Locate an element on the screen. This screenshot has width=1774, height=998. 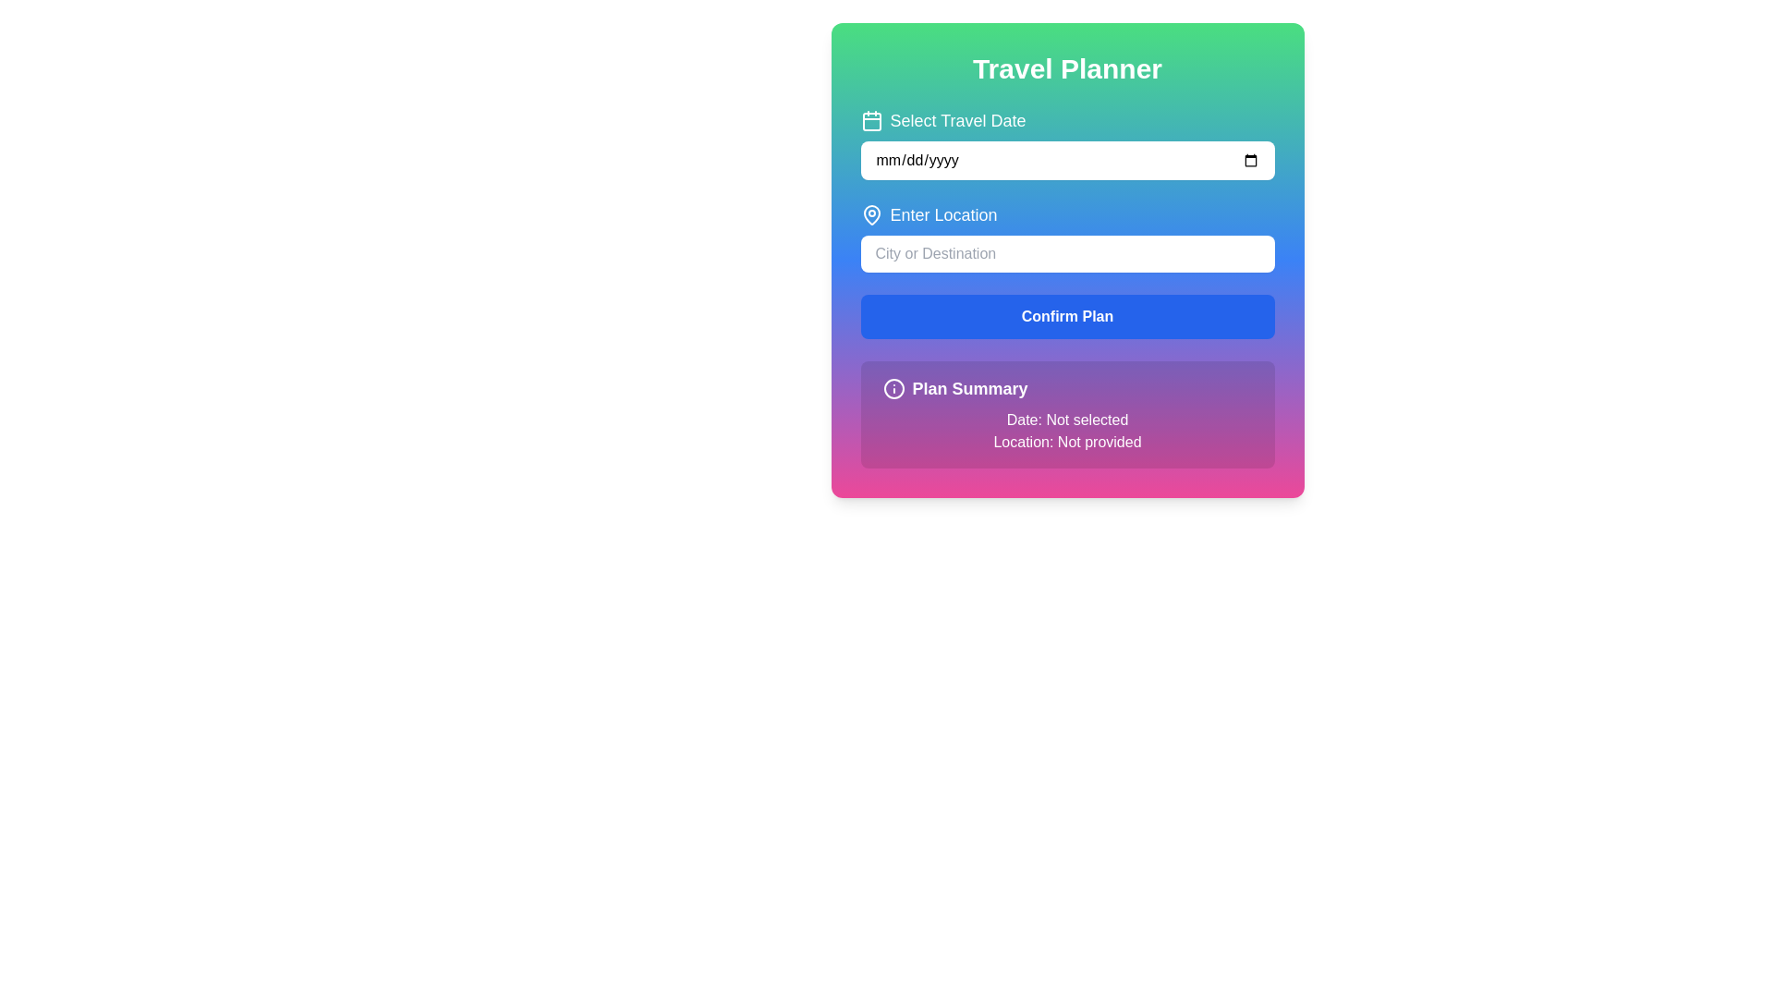
the 'Travel Planner' title text element, which serves as a header for the section and is located at the top center of the layout is located at coordinates (1067, 67).